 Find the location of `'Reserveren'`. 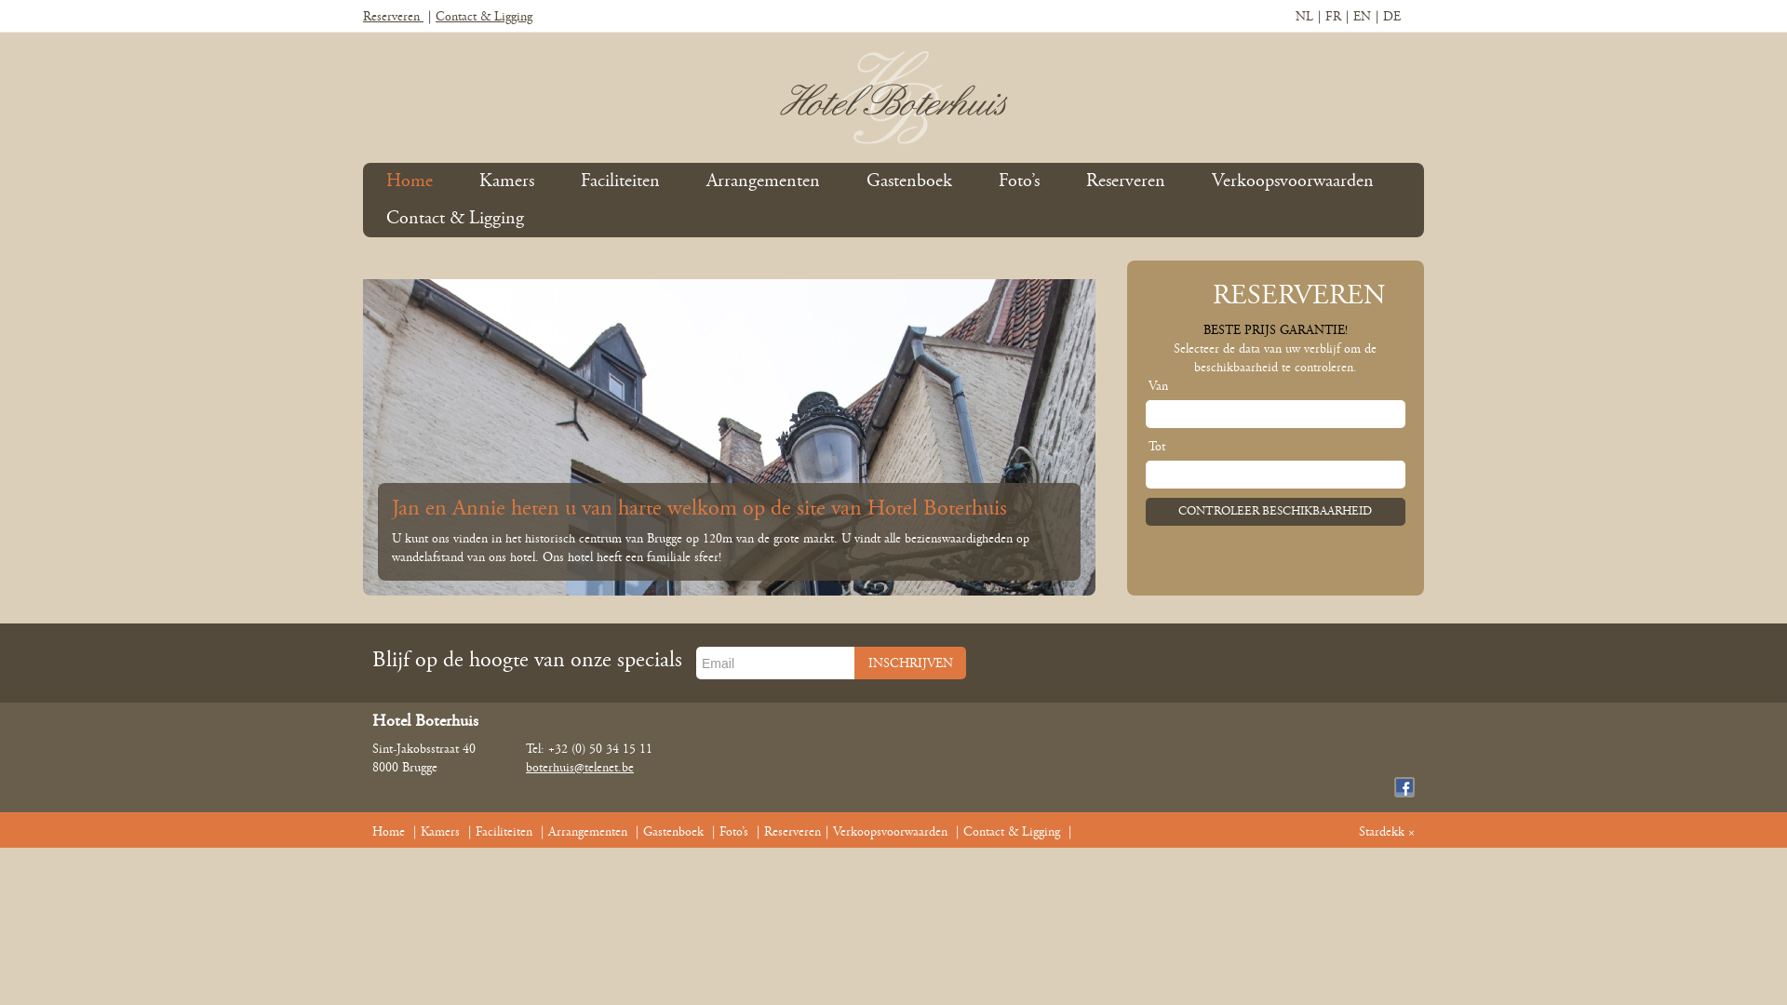

'Reserveren' is located at coordinates (763, 831).